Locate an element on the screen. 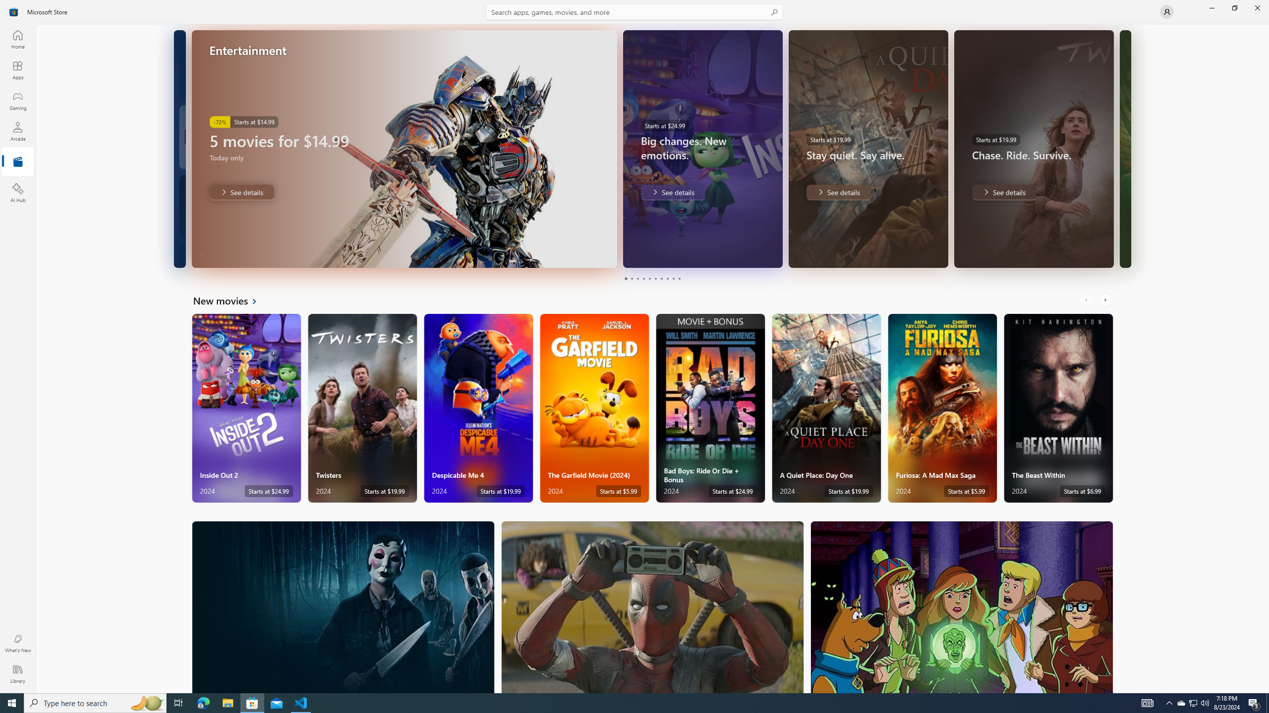 This screenshot has height=713, width=1269. 'Minimize Microsoft Store' is located at coordinates (1211, 7).